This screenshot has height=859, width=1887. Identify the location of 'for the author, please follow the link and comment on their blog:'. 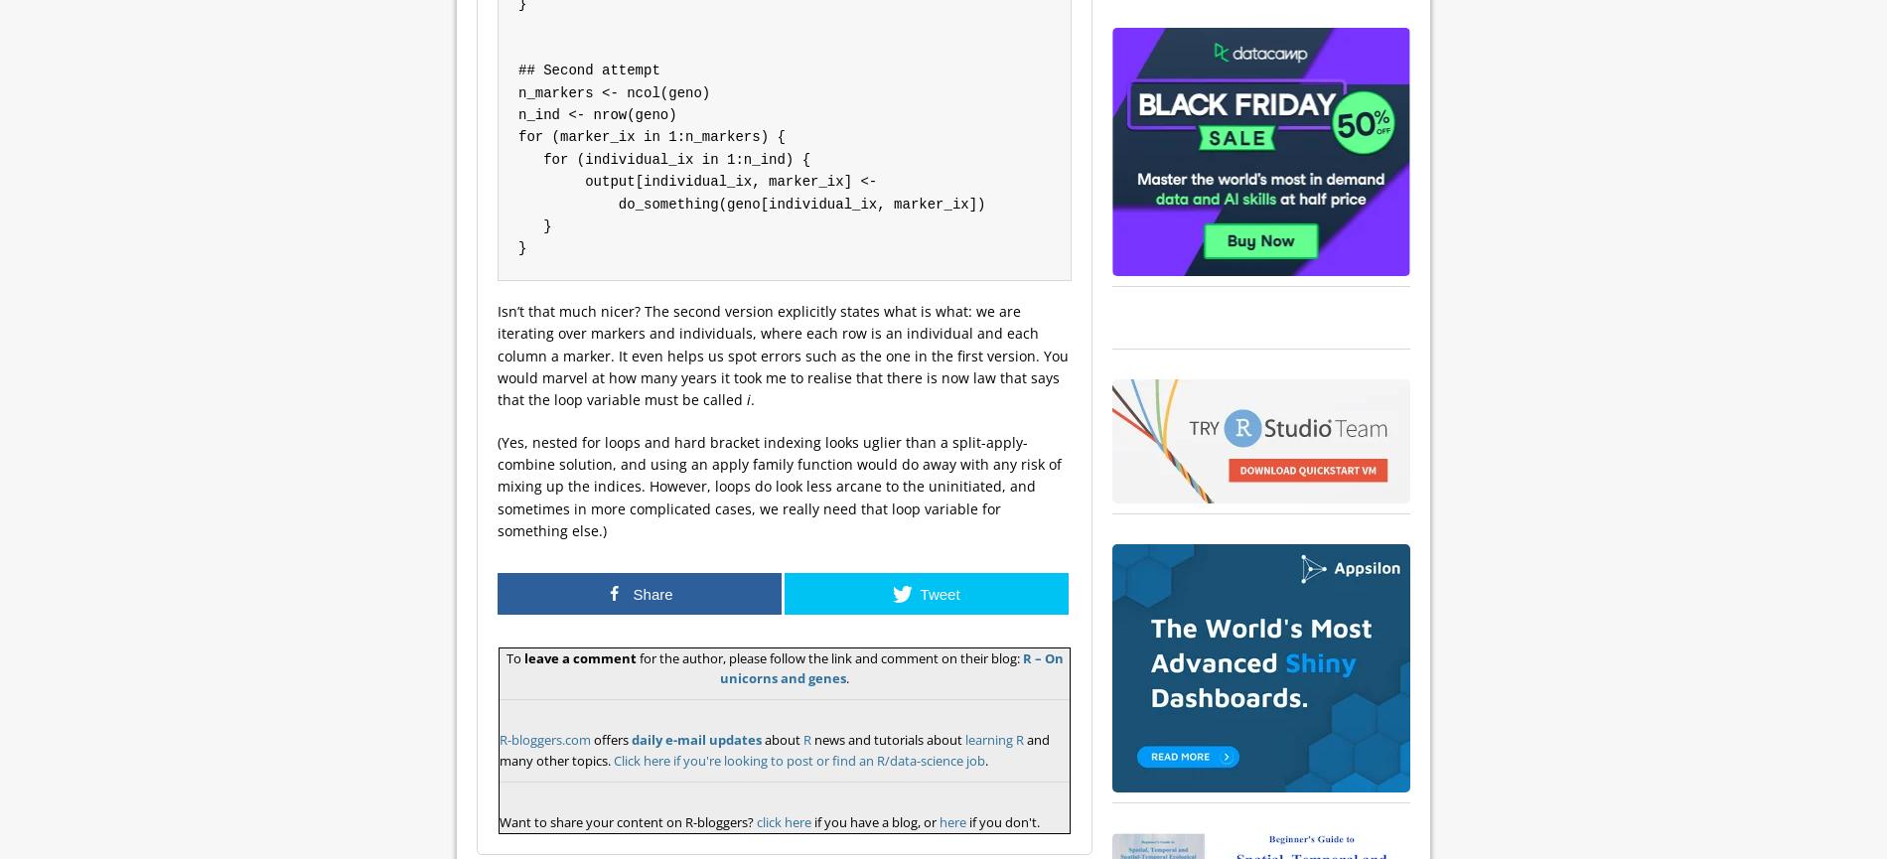
(827, 656).